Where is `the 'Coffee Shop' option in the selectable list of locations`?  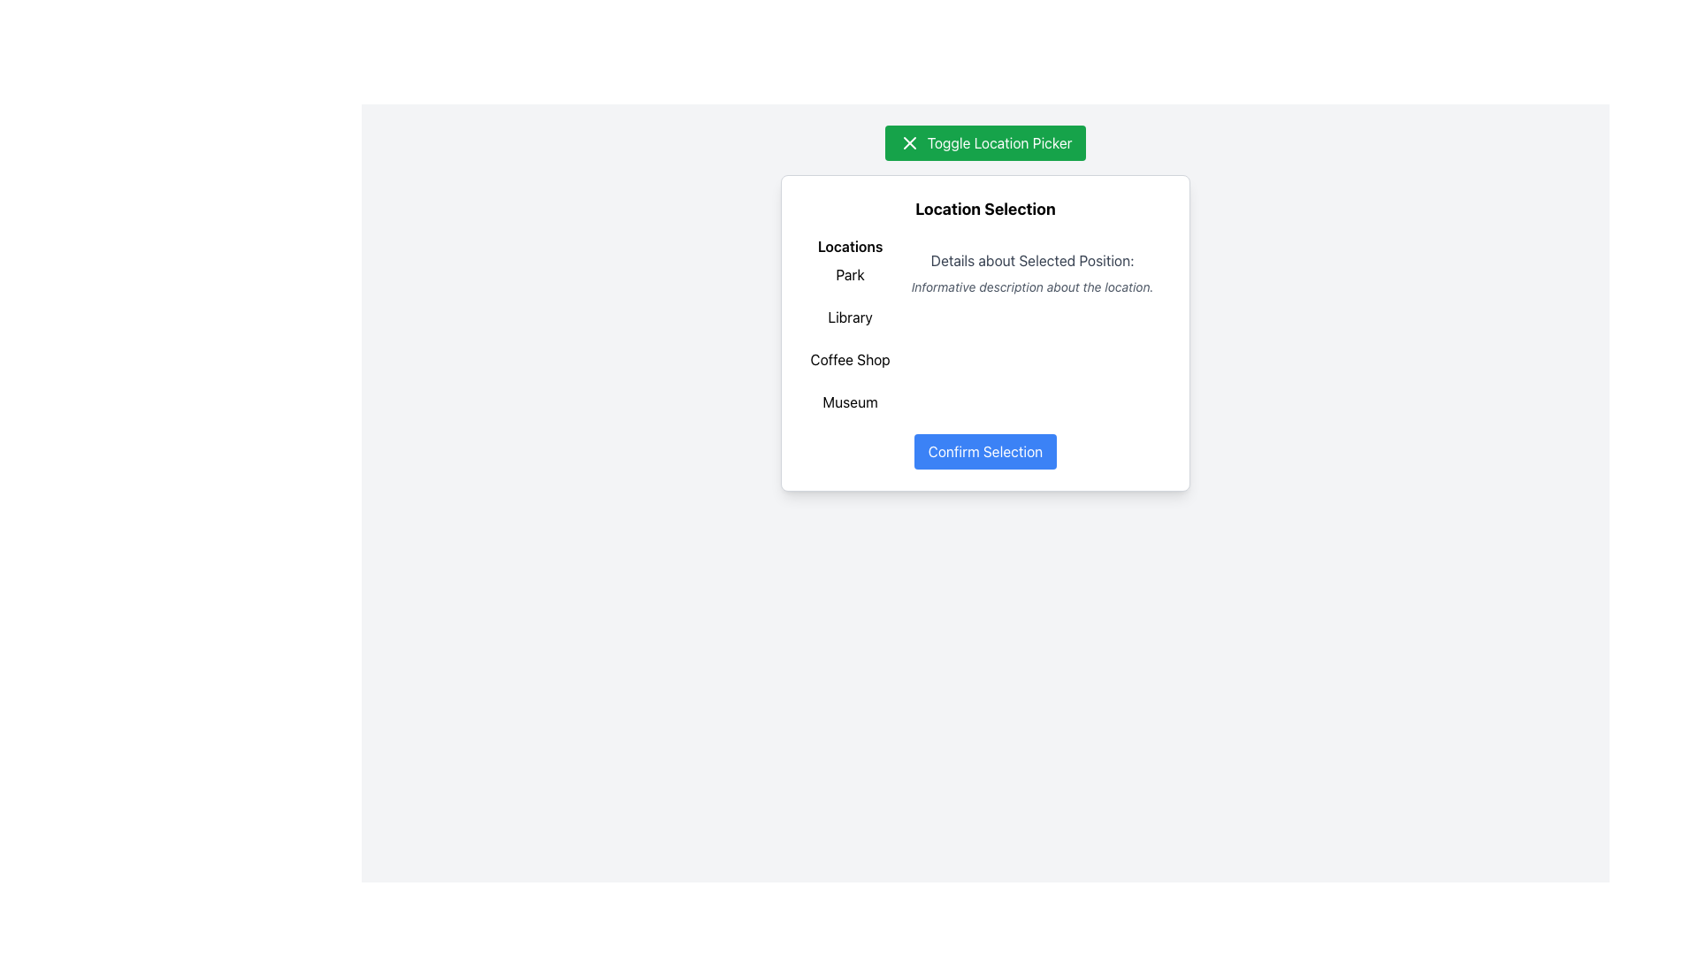
the 'Coffee Shop' option in the selectable list of locations is located at coordinates (850, 359).